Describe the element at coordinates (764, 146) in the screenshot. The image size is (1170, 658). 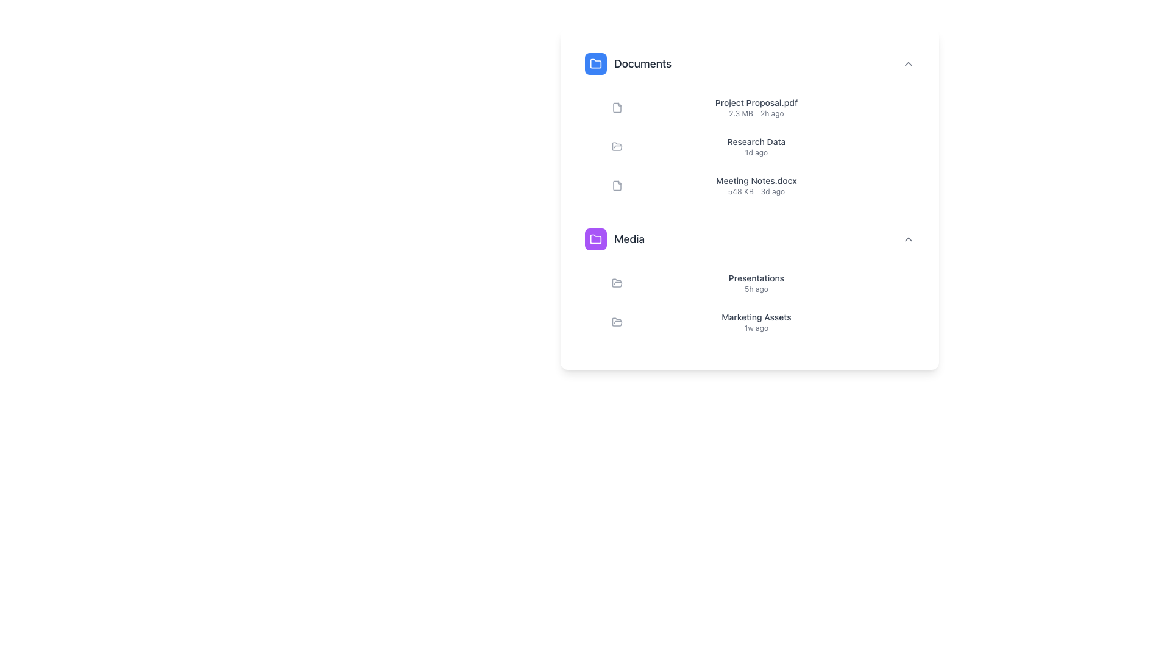
I see `the second entry under the 'Documents' heading, which represents a document or folder` at that location.